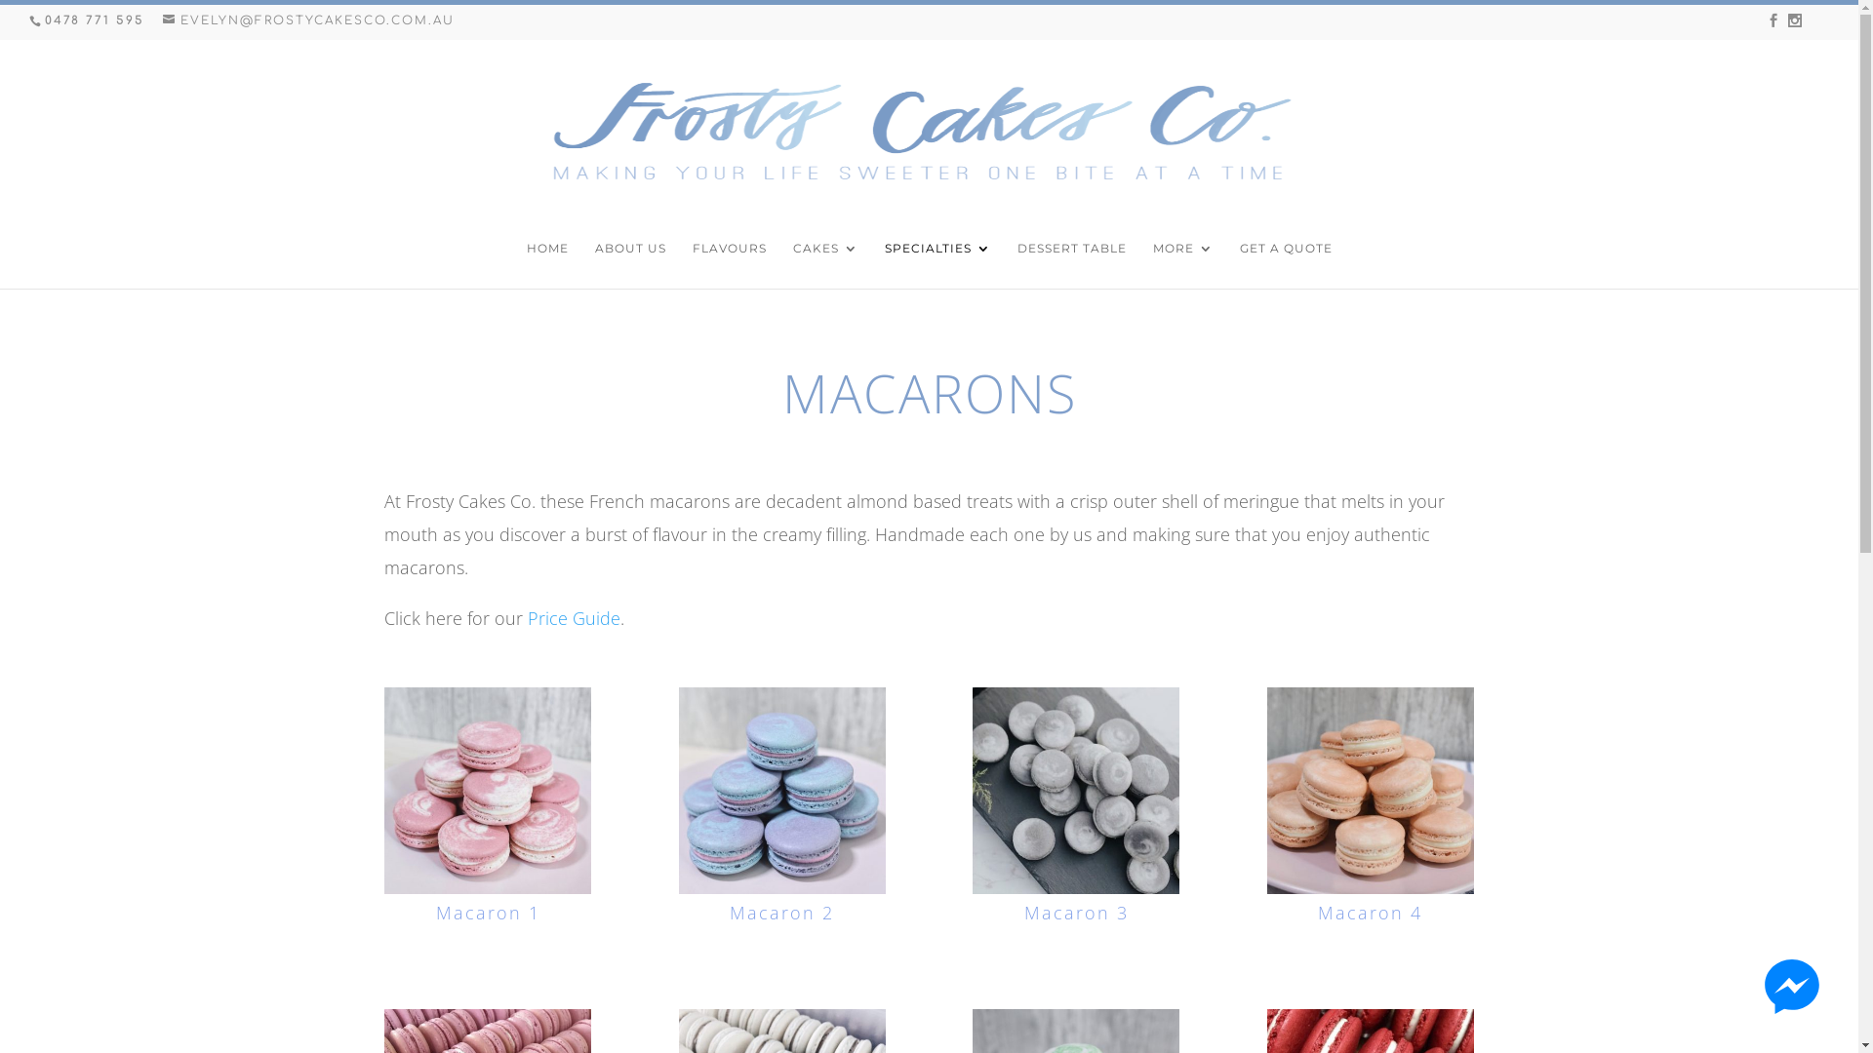 Image resolution: width=1873 pixels, height=1053 pixels. What do you see at coordinates (1152, 265) in the screenshot?
I see `'MORE'` at bounding box center [1152, 265].